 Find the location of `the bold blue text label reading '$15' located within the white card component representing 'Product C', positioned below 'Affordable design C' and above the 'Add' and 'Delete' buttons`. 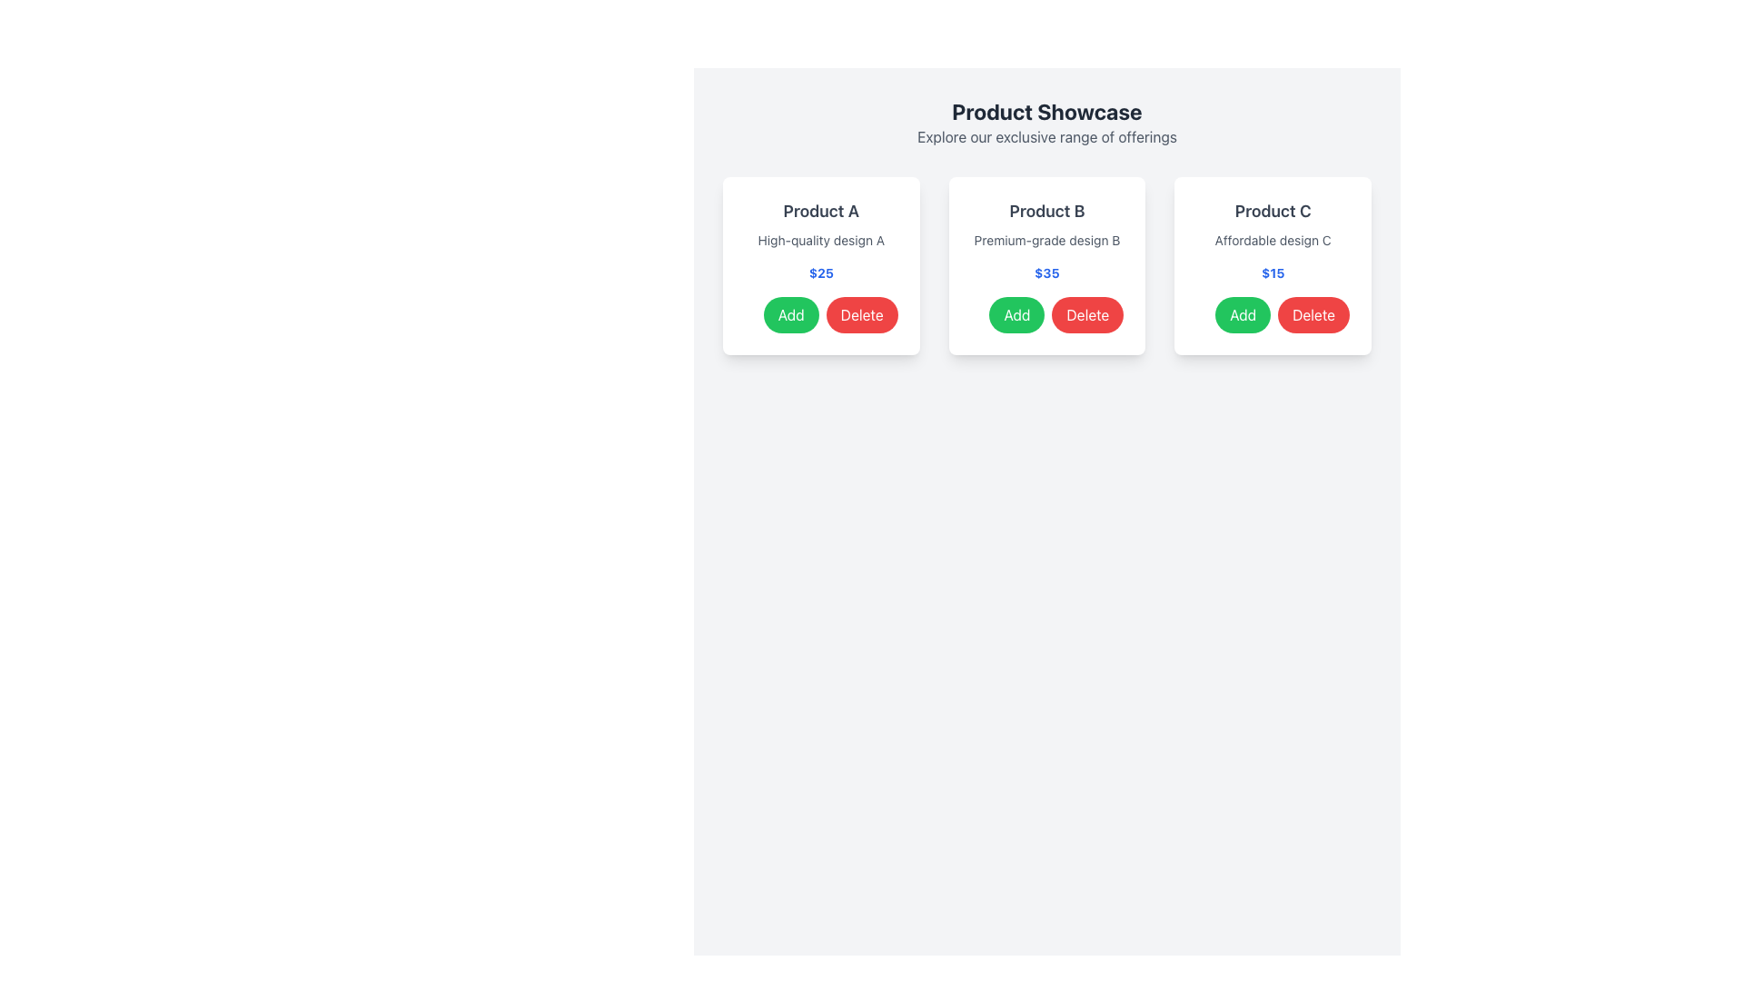

the bold blue text label reading '$15' located within the white card component representing 'Product C', positioned below 'Affordable design C' and above the 'Add' and 'Delete' buttons is located at coordinates (1272, 272).